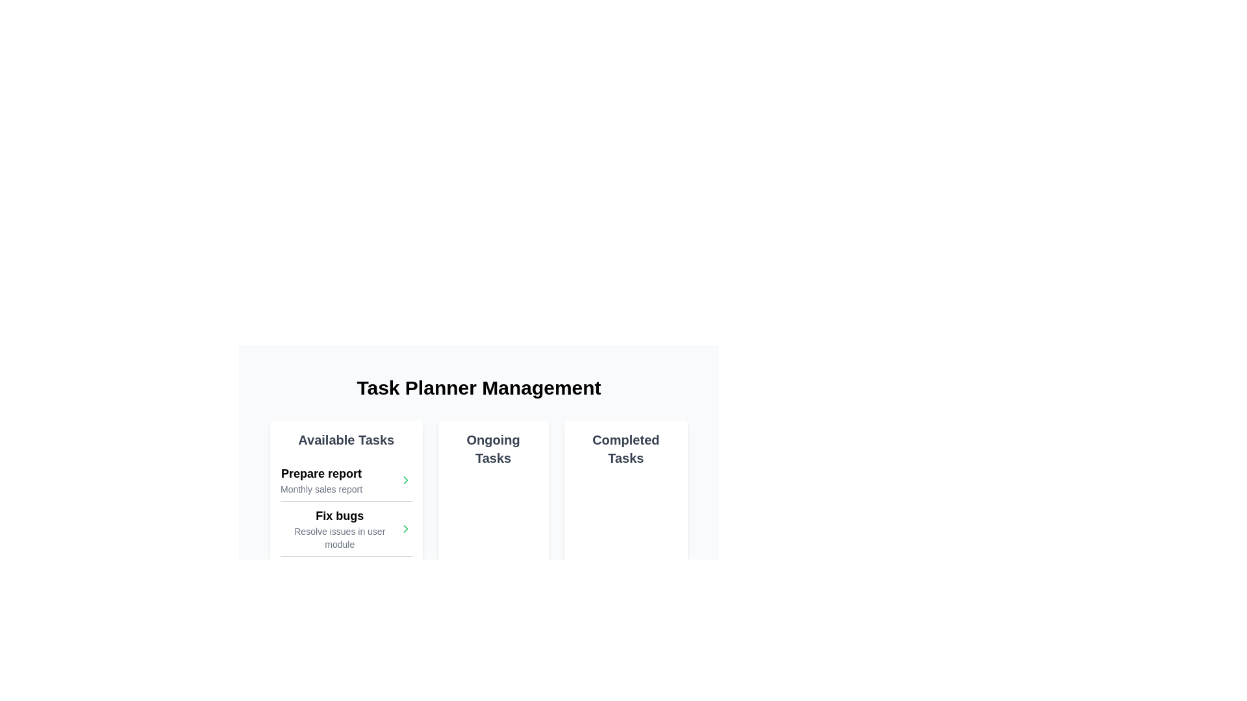 The image size is (1247, 701). What do you see at coordinates (321, 473) in the screenshot?
I see `the bold, black, left-aligned text label reading 'Prepare report', which is the first item in the 'Available Tasks' section` at bounding box center [321, 473].